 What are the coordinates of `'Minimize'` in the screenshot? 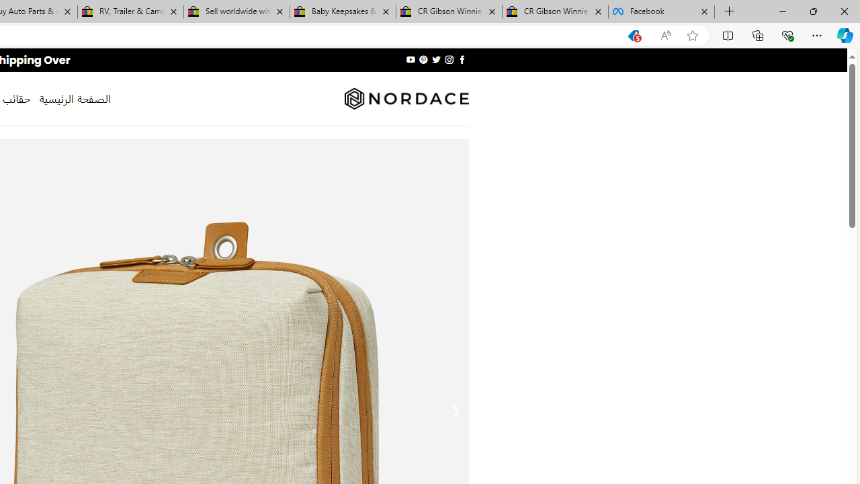 It's located at (782, 11).